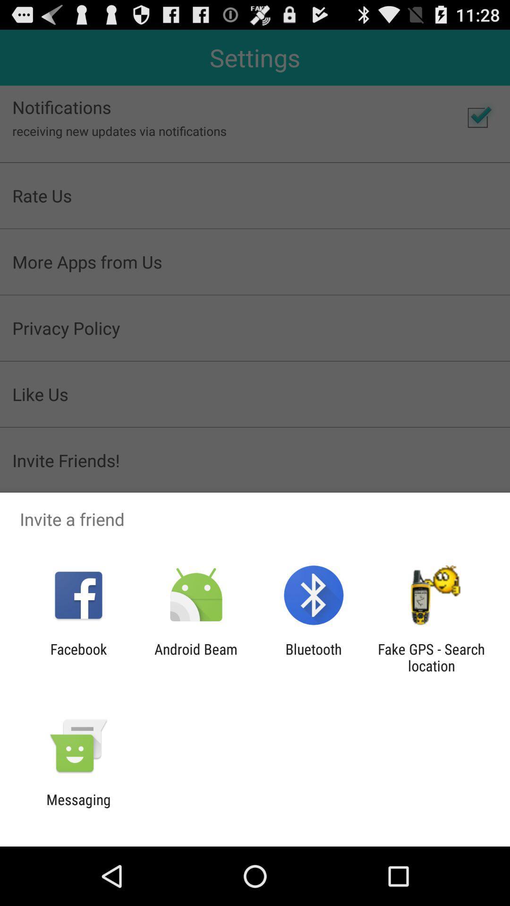  Describe the element at coordinates (78, 657) in the screenshot. I see `the icon next to android beam app` at that location.